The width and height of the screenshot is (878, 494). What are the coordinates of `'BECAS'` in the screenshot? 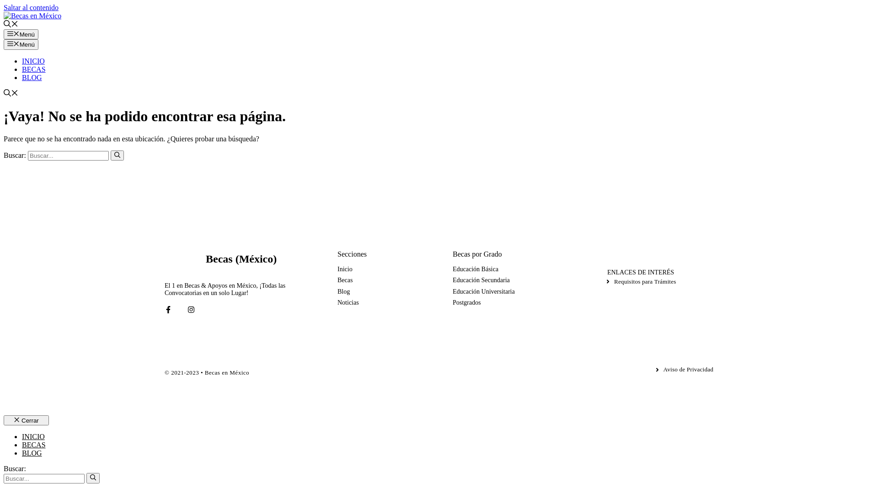 It's located at (33, 444).